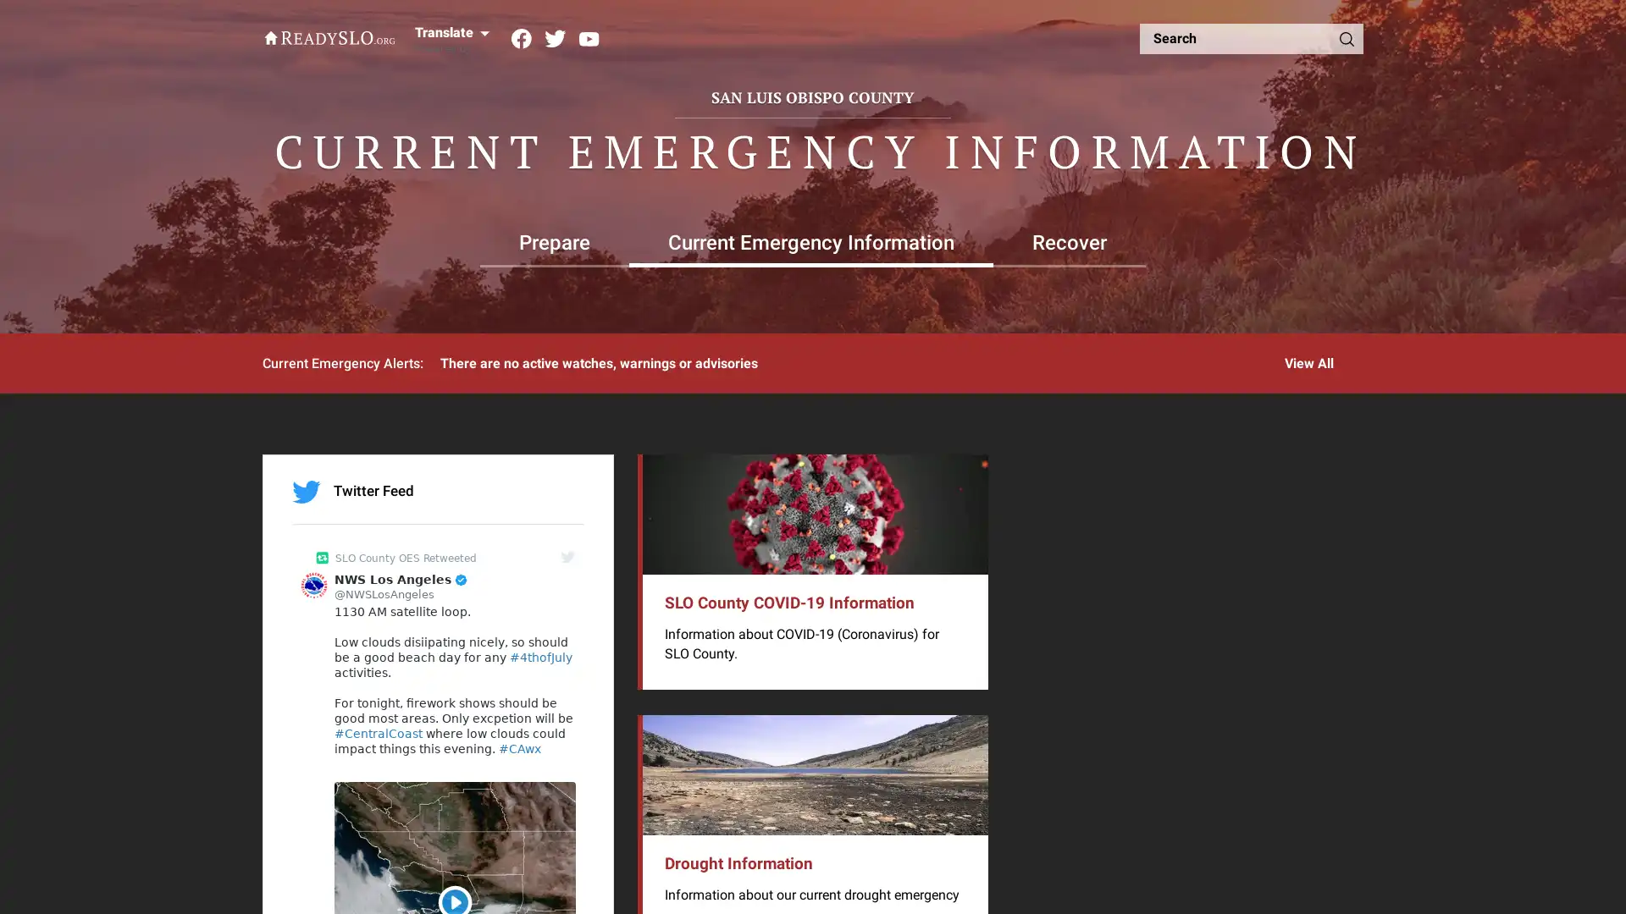 The image size is (1626, 914). Describe the element at coordinates (1345, 38) in the screenshot. I see `SEARCH` at that location.